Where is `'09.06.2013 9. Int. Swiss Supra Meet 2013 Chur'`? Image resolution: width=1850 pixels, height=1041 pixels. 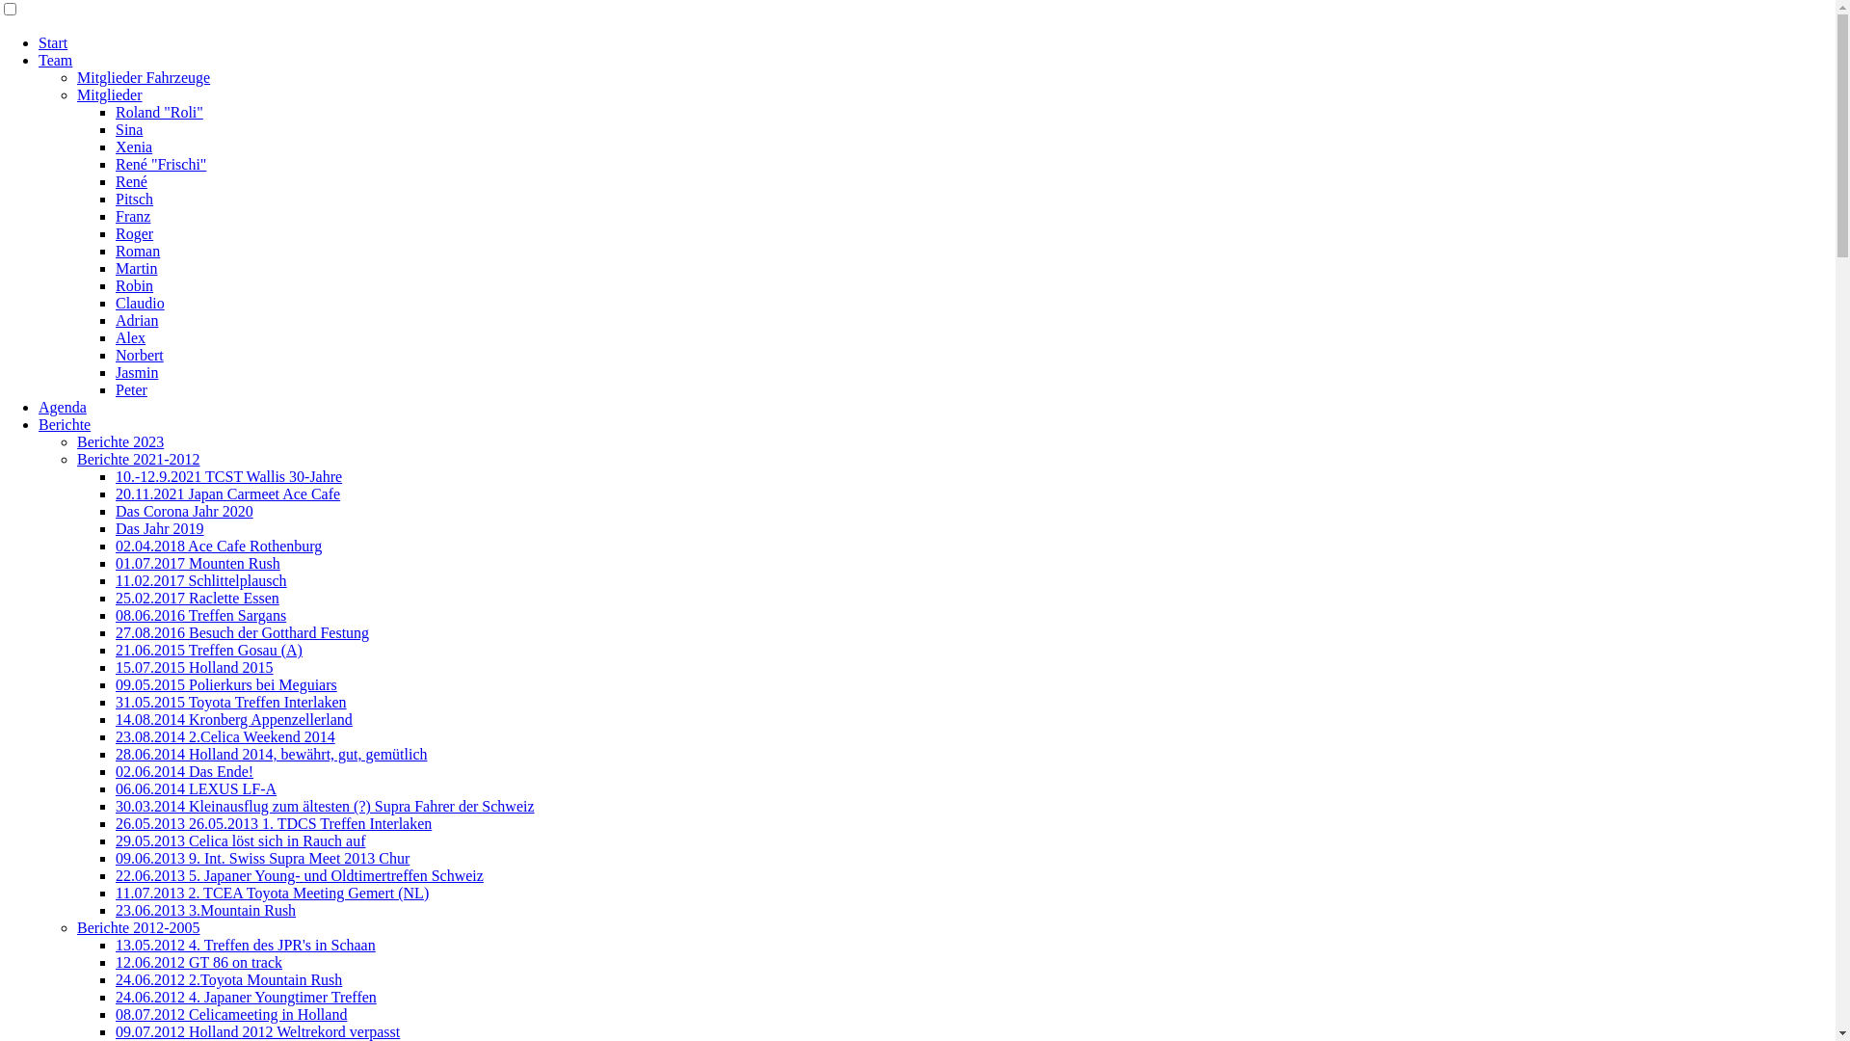 '09.06.2013 9. Int. Swiss Supra Meet 2013 Chur' is located at coordinates (115, 857).